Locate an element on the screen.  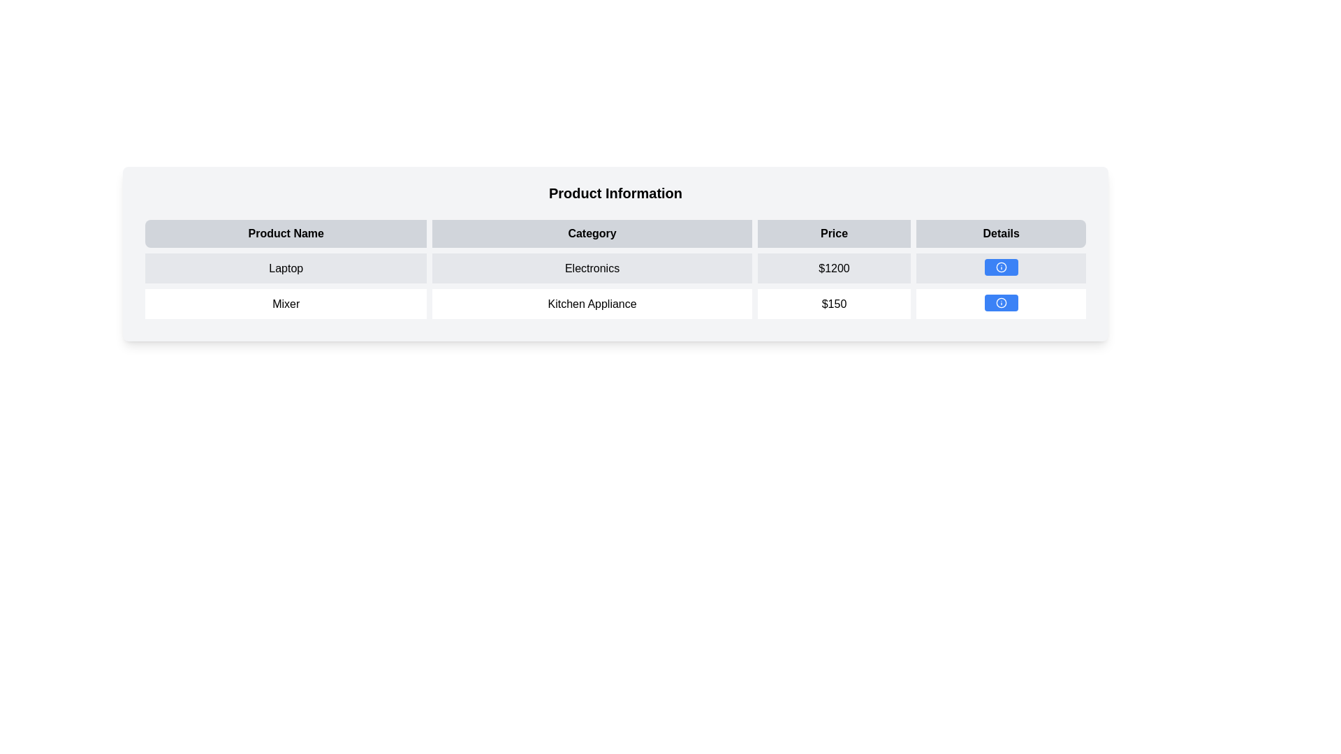
the text label displaying the value '$150' in black font, located in the 'Price' column of the table for the product 'Mixer' is located at coordinates (834, 303).